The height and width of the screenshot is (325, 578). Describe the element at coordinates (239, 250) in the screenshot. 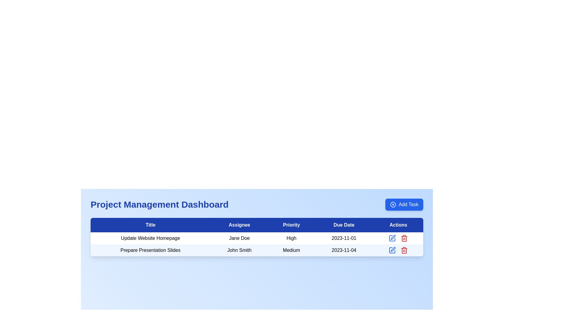

I see `the text label representing the assignee's name for the task` at that location.